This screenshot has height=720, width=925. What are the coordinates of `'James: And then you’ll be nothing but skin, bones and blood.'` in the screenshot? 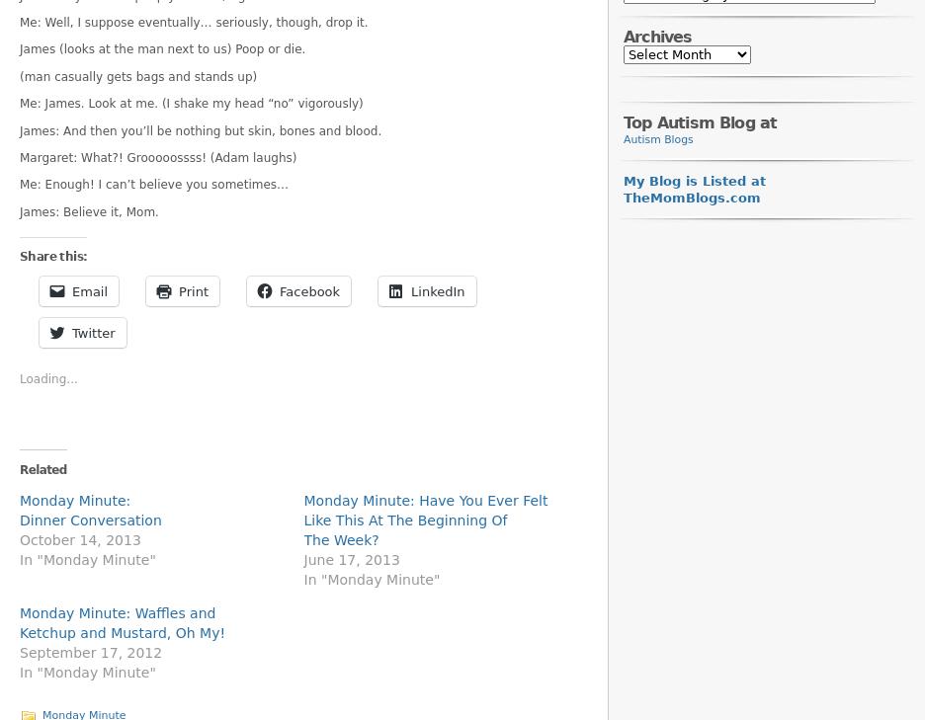 It's located at (201, 129).